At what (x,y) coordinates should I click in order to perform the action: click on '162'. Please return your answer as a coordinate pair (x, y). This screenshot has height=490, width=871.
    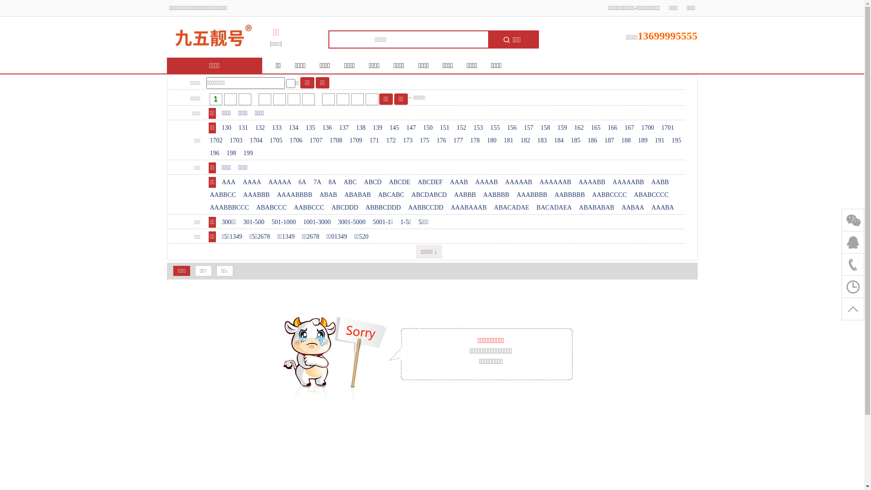
    Looking at the image, I should click on (578, 127).